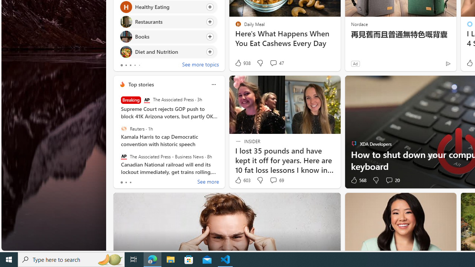 The image size is (475, 267). Describe the element at coordinates (273, 62) in the screenshot. I see `'View comments 47 Comment'` at that location.